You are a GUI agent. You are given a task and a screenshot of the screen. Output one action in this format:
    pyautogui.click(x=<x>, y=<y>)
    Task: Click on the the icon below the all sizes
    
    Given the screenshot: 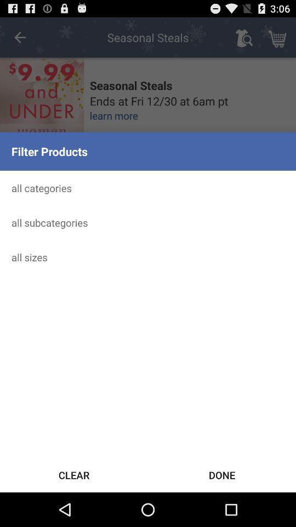 What is the action you would take?
    pyautogui.click(x=222, y=474)
    